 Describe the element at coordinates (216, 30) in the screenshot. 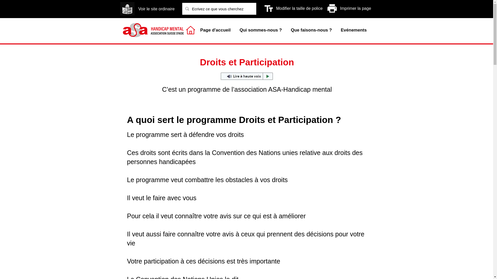

I see `'Page d'accueil'` at that location.